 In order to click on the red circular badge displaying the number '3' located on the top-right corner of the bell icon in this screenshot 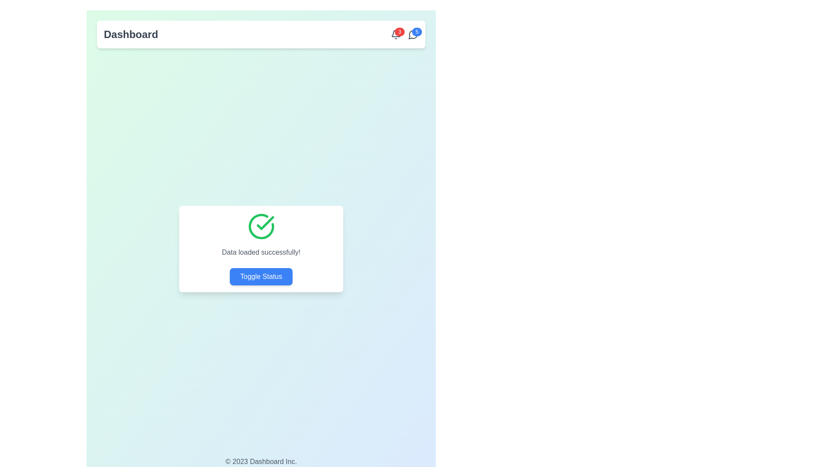, I will do `click(396, 34)`.